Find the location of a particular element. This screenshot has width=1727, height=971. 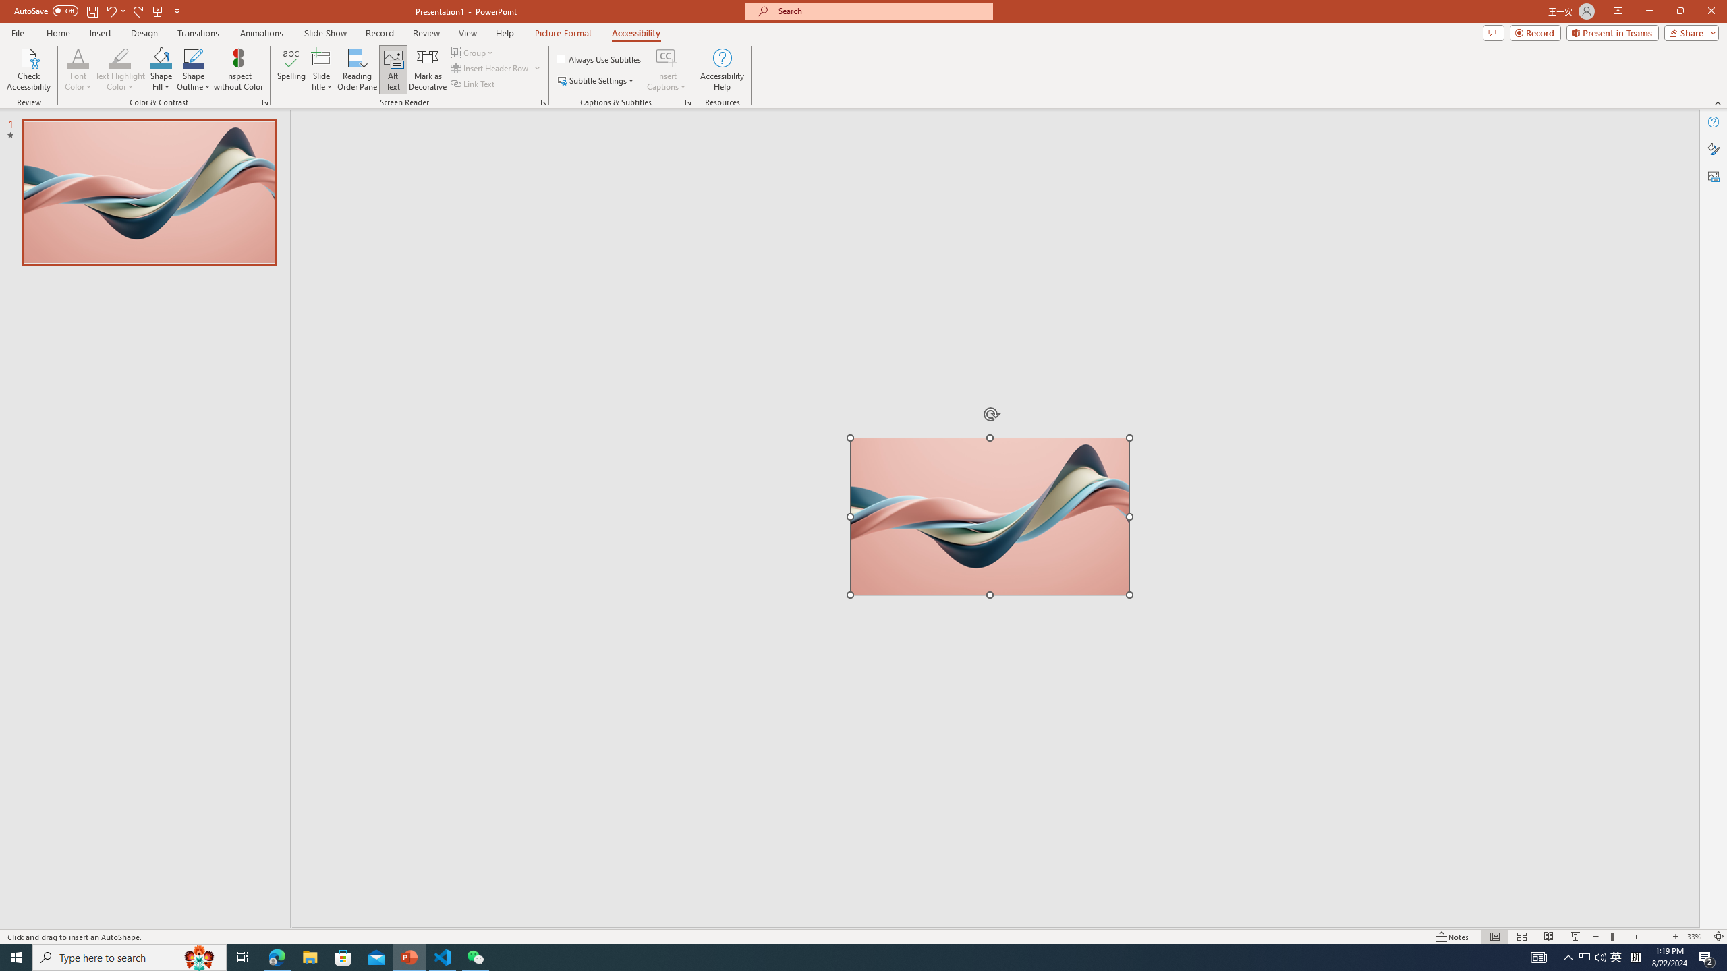

'Mark as Decorative' is located at coordinates (427, 69).